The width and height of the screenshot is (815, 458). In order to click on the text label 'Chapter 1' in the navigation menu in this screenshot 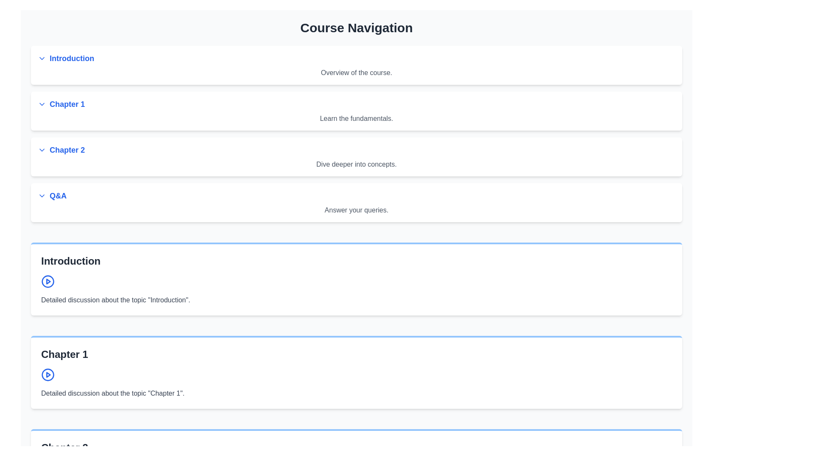, I will do `click(67, 104)`.